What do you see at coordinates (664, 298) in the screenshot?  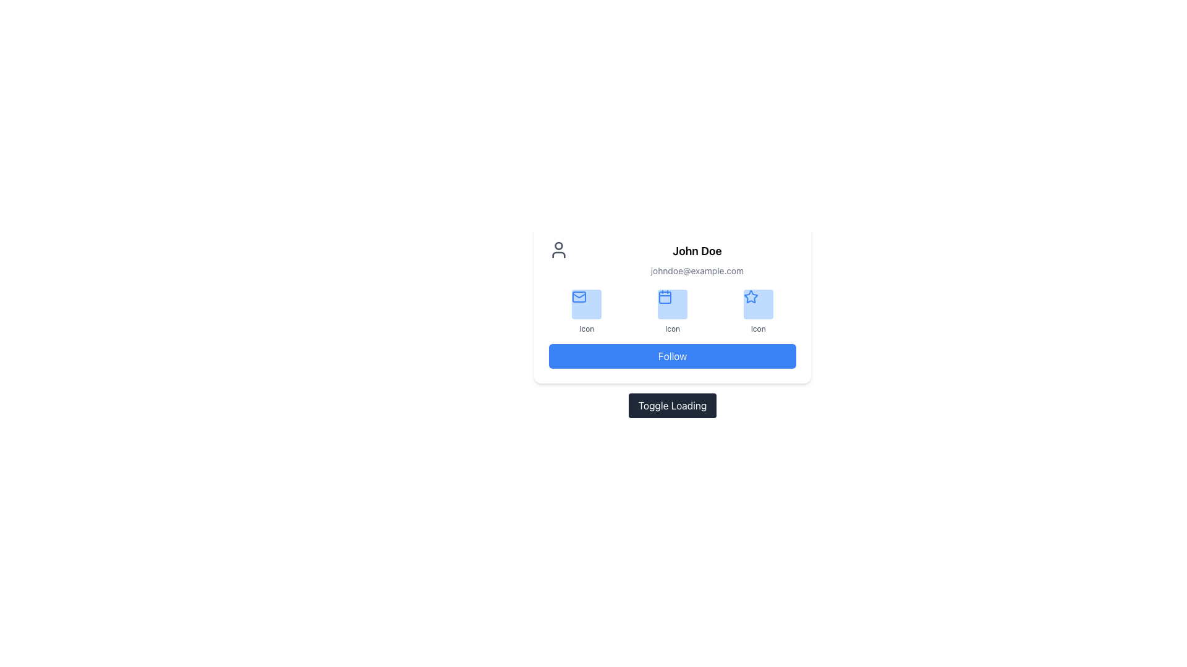 I see `the second calendar icon with a light blue background located in the center section of the interface to interact with it` at bounding box center [664, 298].